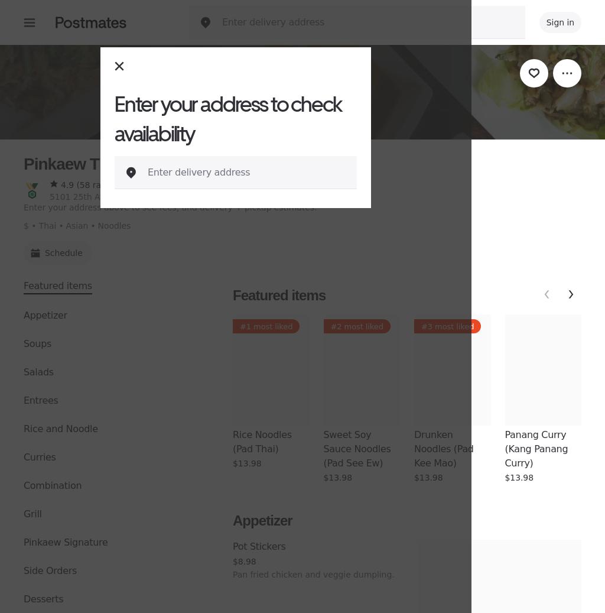 The image size is (605, 613). What do you see at coordinates (266, 326) in the screenshot?
I see `'#1 most liked'` at bounding box center [266, 326].